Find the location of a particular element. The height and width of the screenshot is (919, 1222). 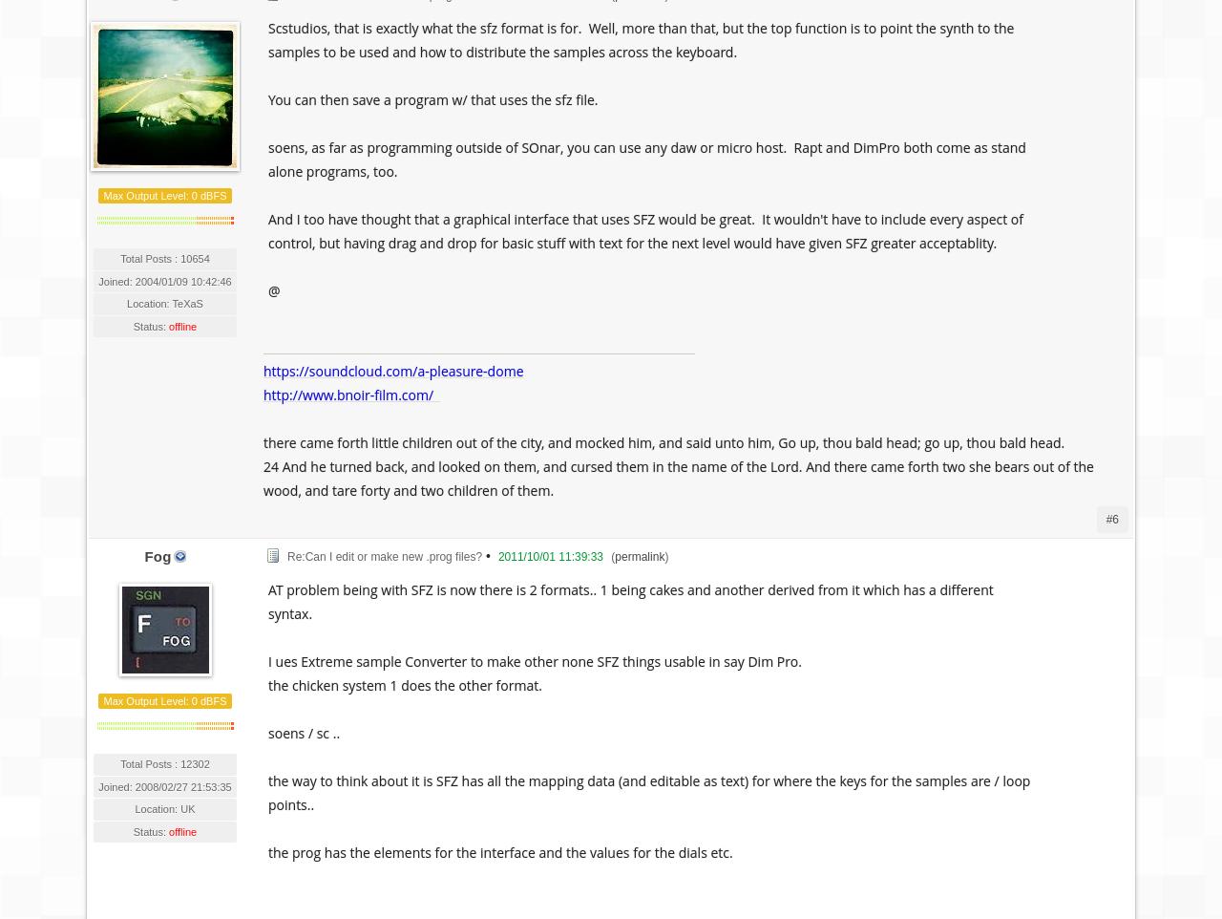

'Scstudios, that is exactly what the sfz format is for.  Well, more than that, but the top function is to point the synth to the samples to be used and how to distribute the samples across the keyboard.' is located at coordinates (641, 39).